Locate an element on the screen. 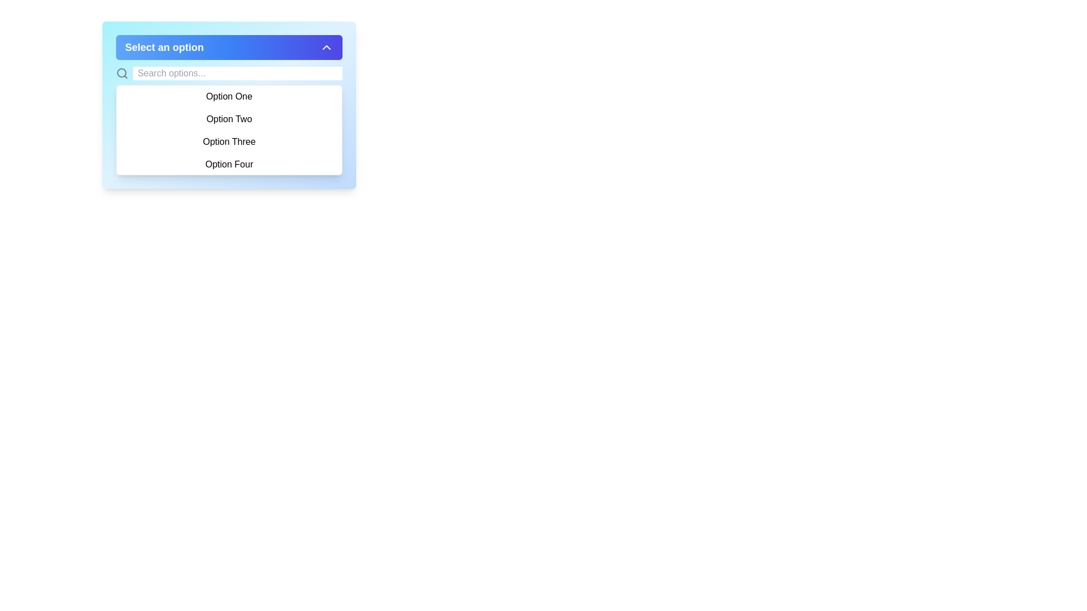  the dropdown menu option is located at coordinates (228, 105).